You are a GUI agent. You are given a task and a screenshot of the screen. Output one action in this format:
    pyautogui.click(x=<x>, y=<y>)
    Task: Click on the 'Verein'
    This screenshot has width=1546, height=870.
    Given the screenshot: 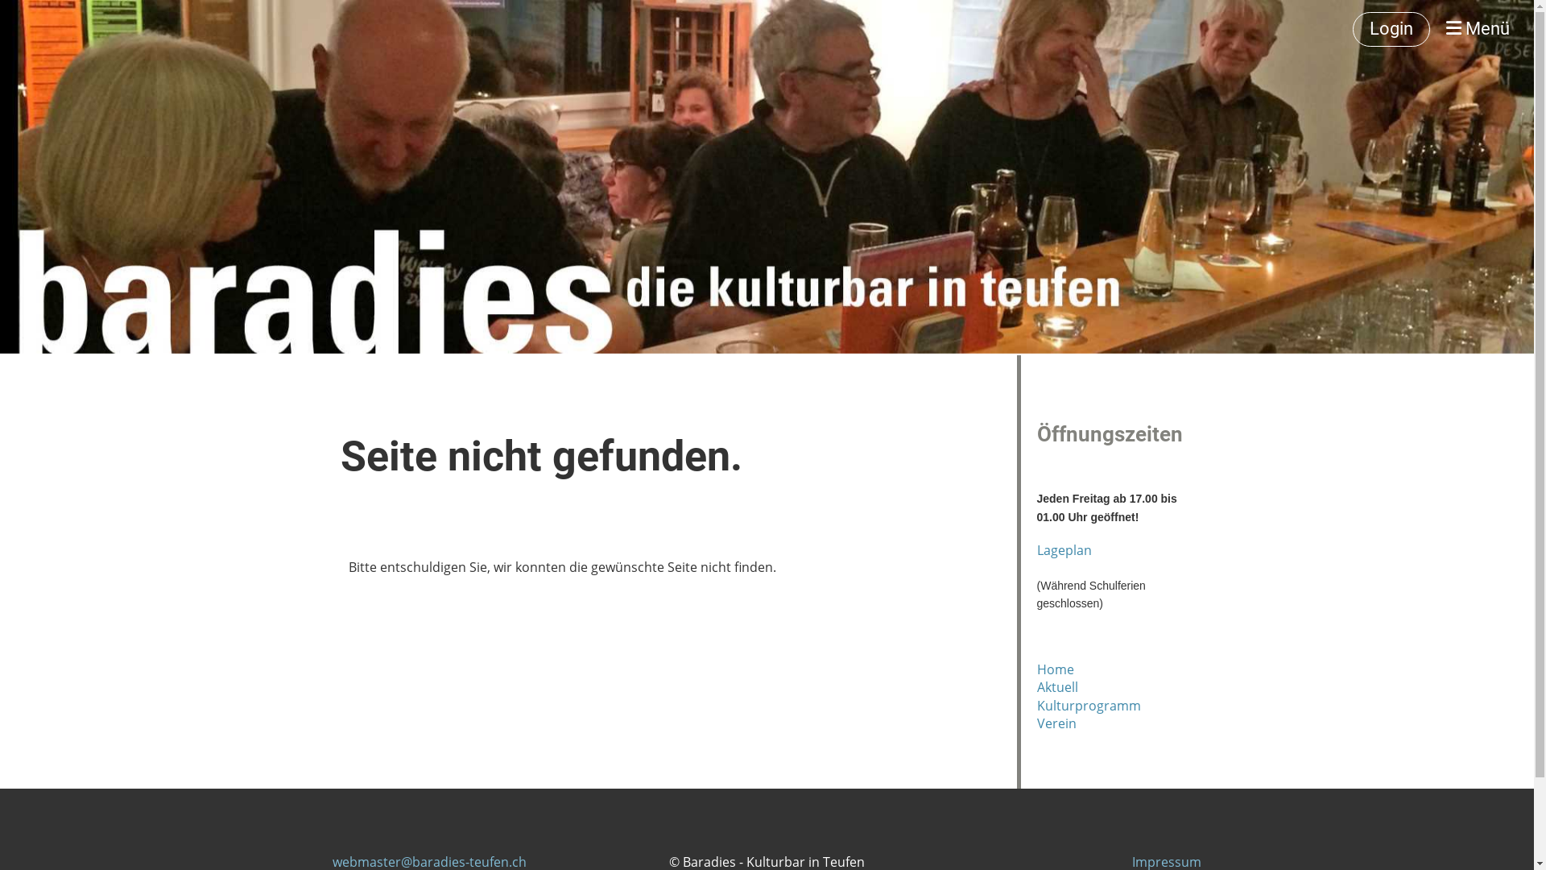 What is the action you would take?
    pyautogui.click(x=1056, y=723)
    